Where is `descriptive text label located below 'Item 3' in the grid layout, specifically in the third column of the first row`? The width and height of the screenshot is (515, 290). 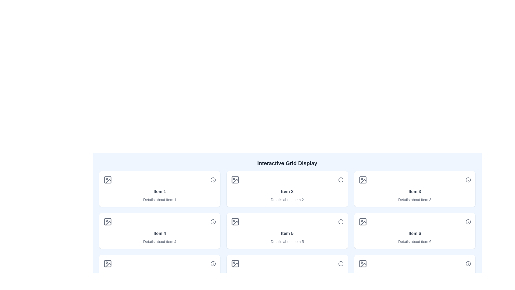
descriptive text label located below 'Item 3' in the grid layout, specifically in the third column of the first row is located at coordinates (414, 200).